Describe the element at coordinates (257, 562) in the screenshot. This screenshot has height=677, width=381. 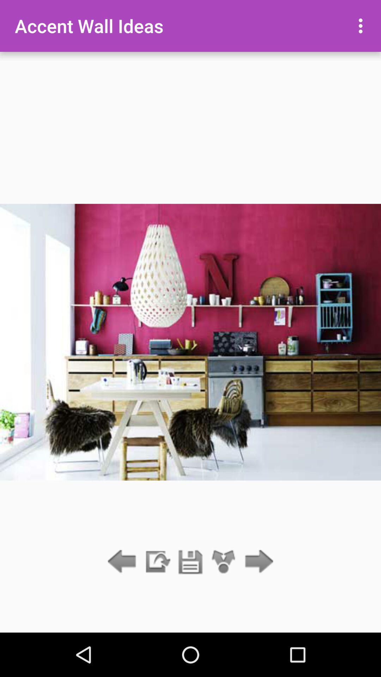
I see `next` at that location.